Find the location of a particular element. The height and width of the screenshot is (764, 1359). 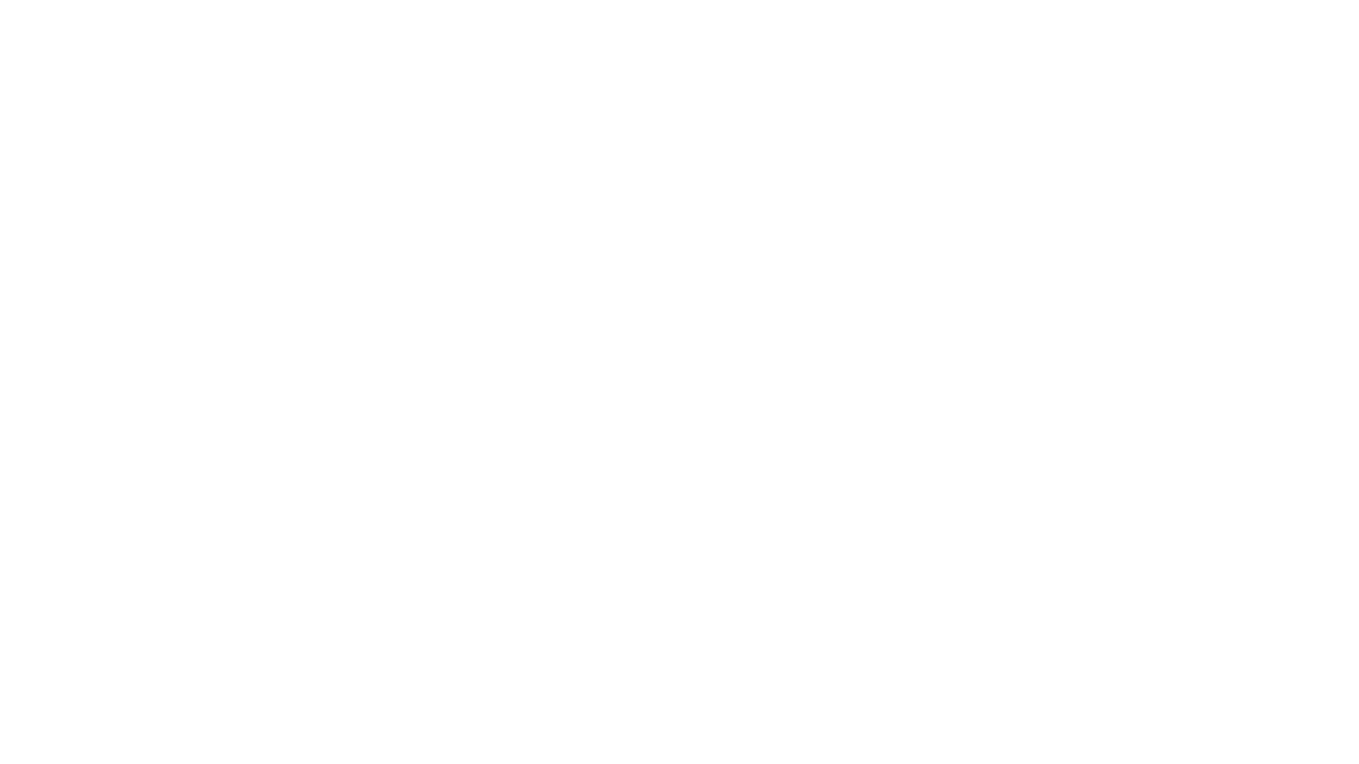

Not Available $15.99 is located at coordinates (994, 284).